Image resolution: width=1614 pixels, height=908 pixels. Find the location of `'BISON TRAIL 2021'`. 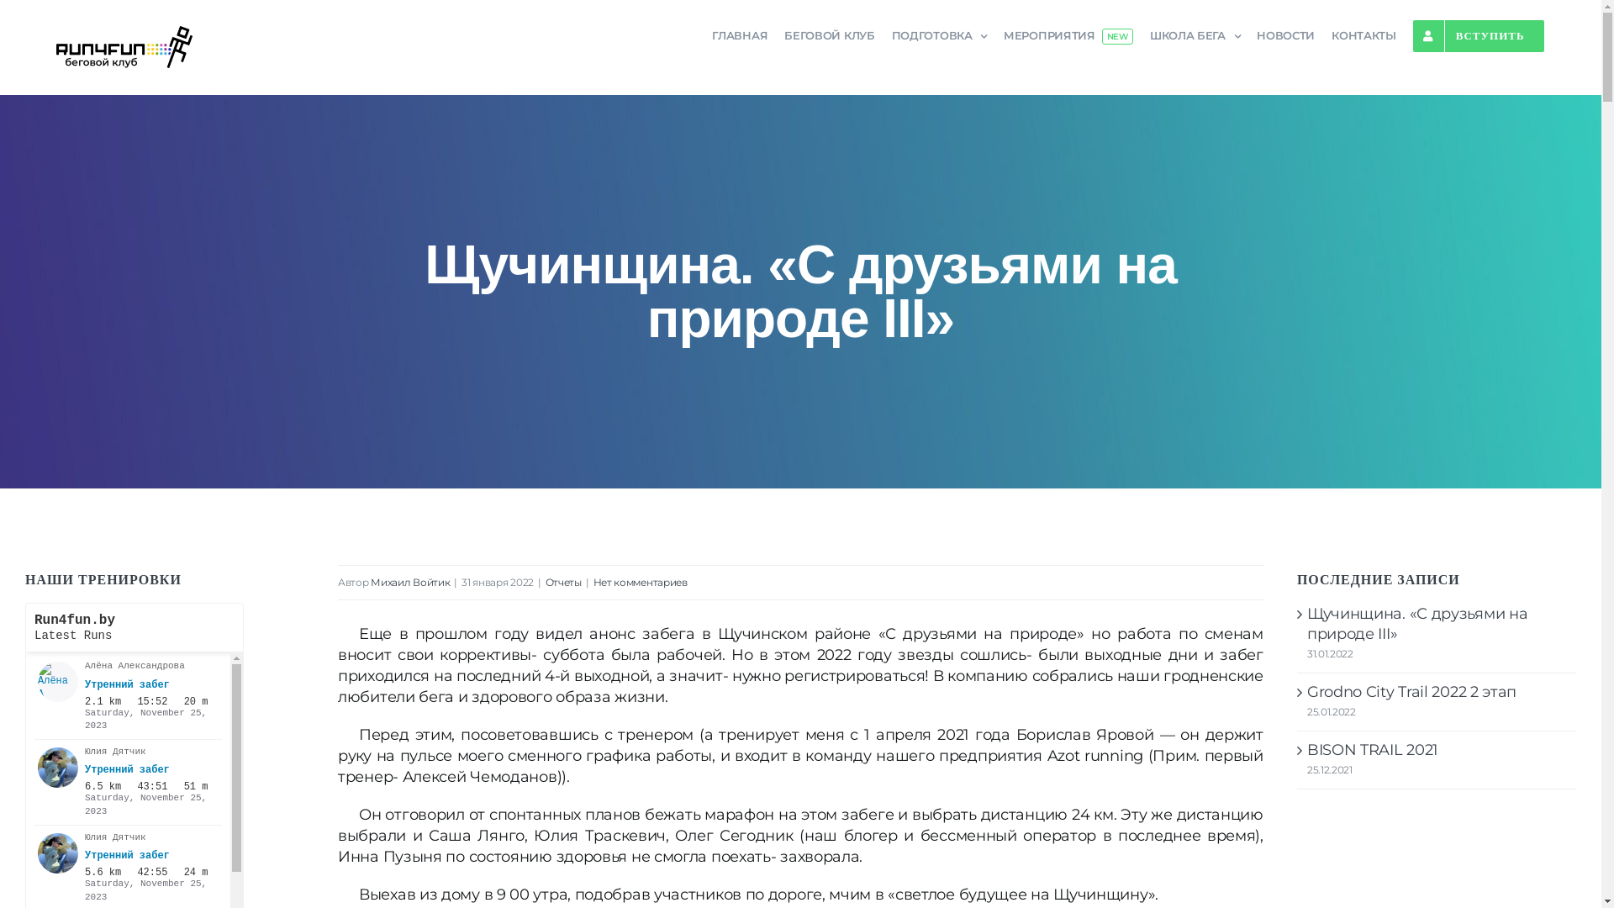

'BISON TRAIL 2021' is located at coordinates (1372, 748).